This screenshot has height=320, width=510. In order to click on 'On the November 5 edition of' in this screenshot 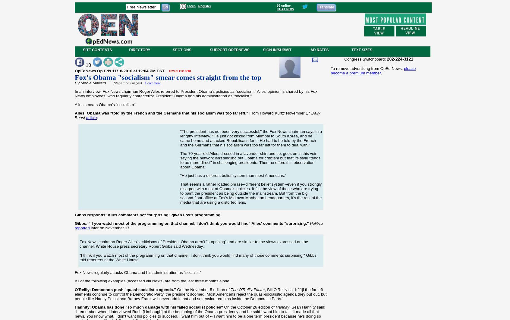, I will do `click(203, 289)`.